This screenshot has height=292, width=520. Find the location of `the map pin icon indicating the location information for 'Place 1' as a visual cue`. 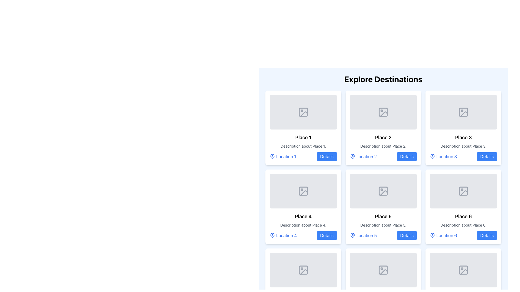

the map pin icon indicating the location information for 'Place 1' as a visual cue is located at coordinates (272, 156).